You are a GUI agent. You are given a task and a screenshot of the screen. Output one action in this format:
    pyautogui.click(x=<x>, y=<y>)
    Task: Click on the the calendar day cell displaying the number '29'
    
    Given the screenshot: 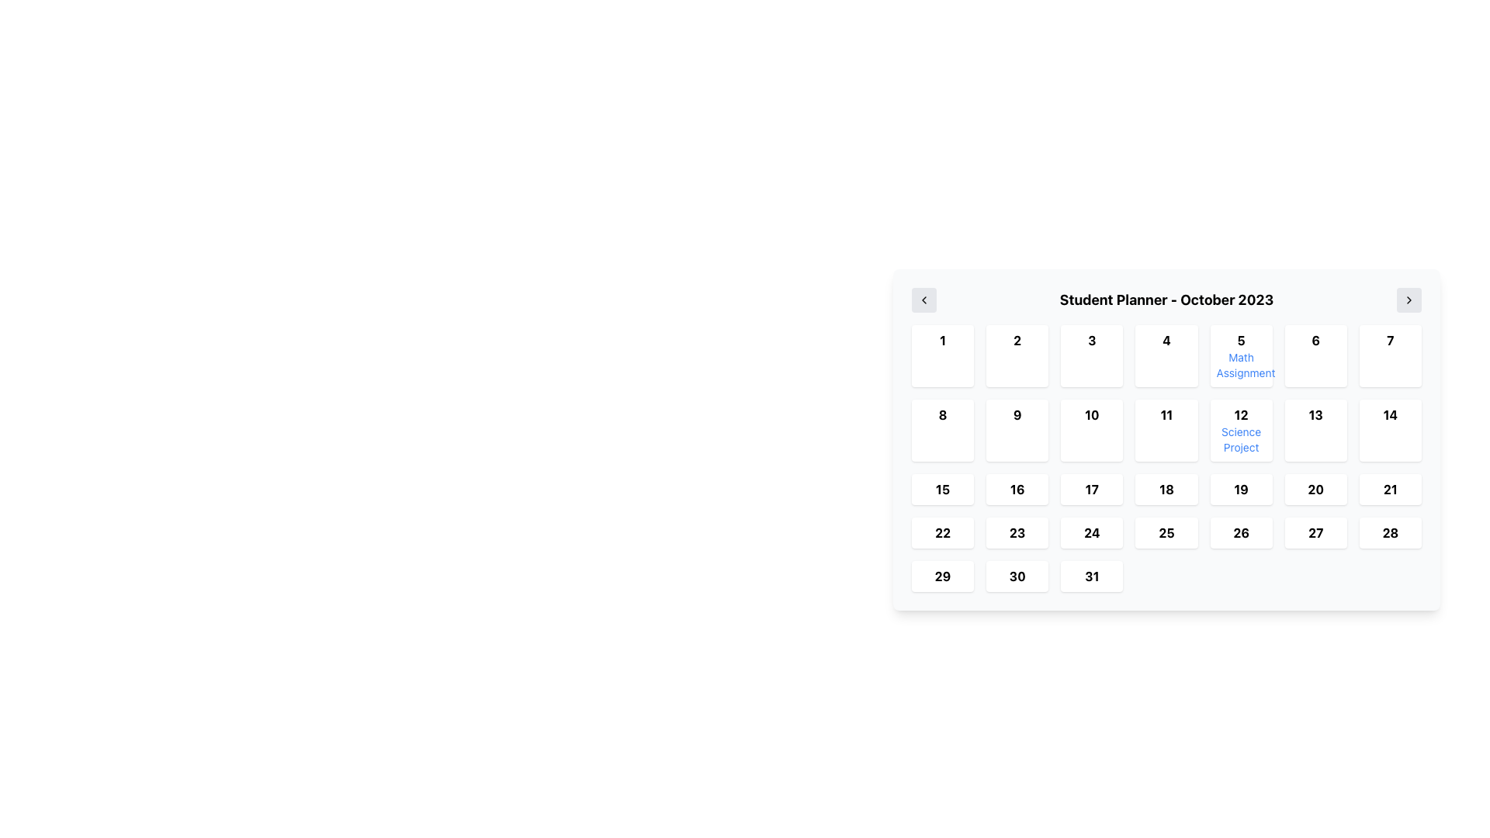 What is the action you would take?
    pyautogui.click(x=941, y=577)
    